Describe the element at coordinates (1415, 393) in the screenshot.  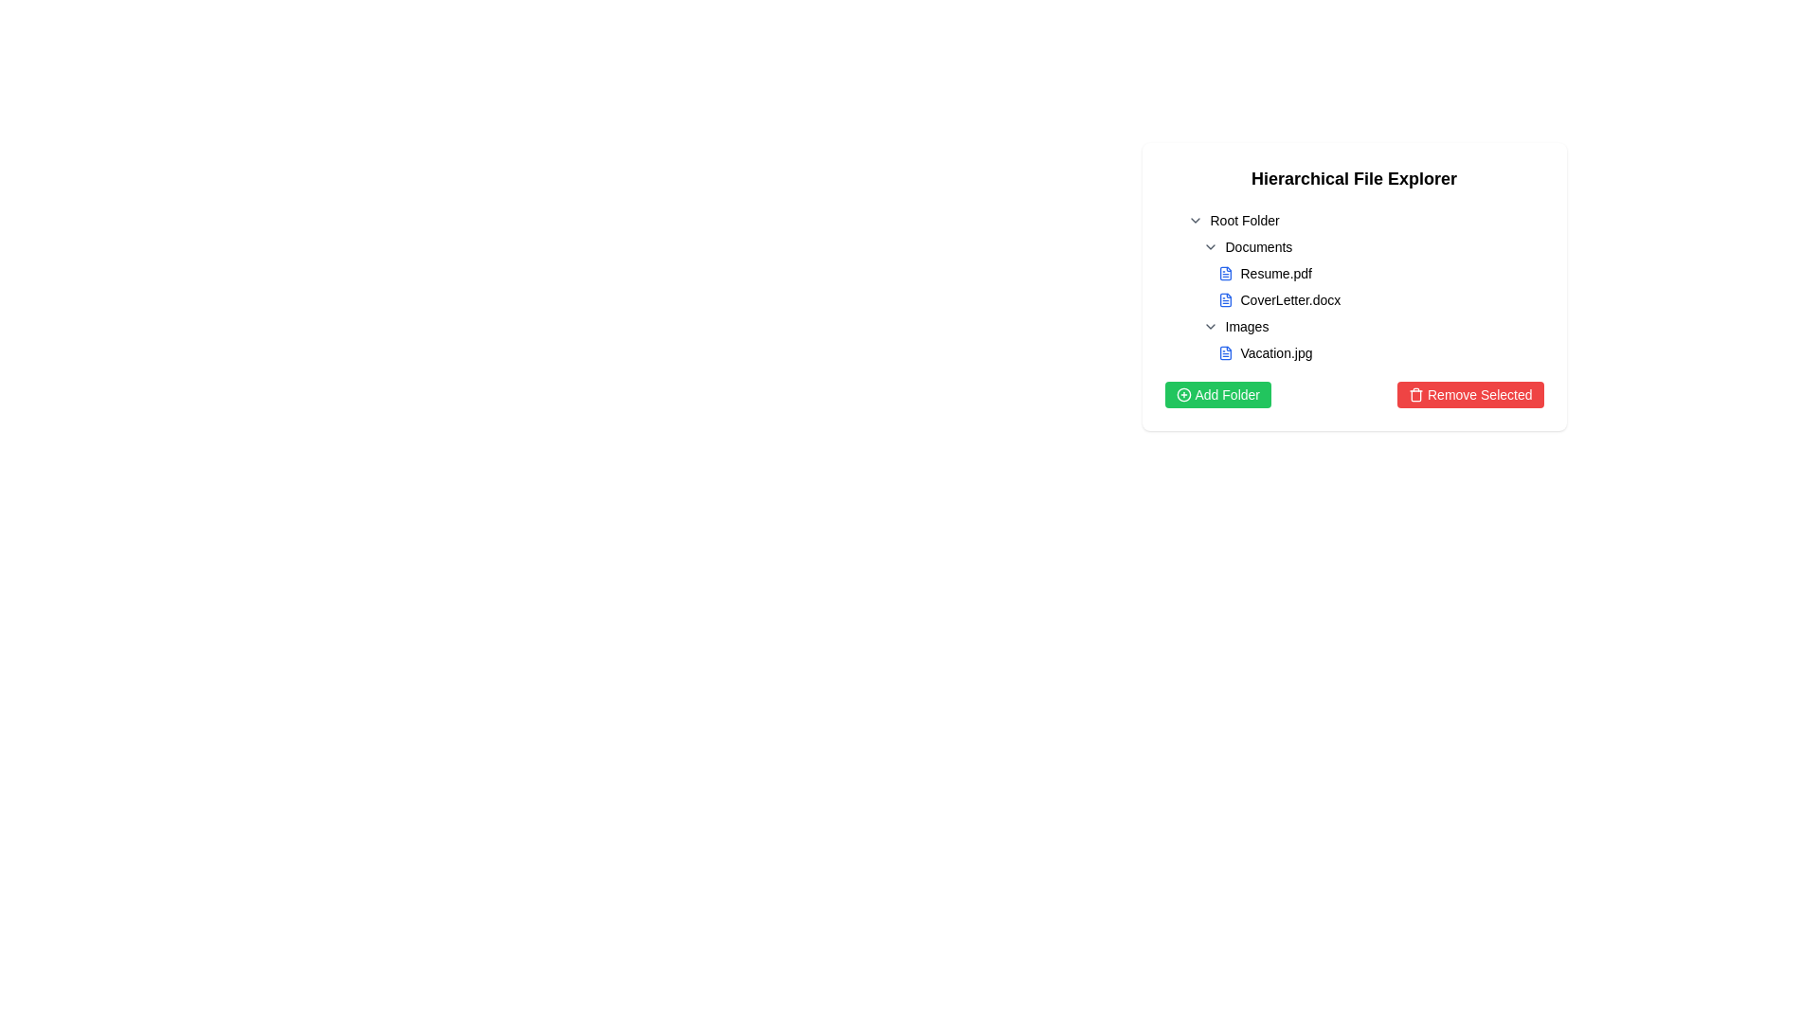
I see `the deletion icon located to the left of the 'Remove Selected' button, which visually represents the deletion action` at that location.